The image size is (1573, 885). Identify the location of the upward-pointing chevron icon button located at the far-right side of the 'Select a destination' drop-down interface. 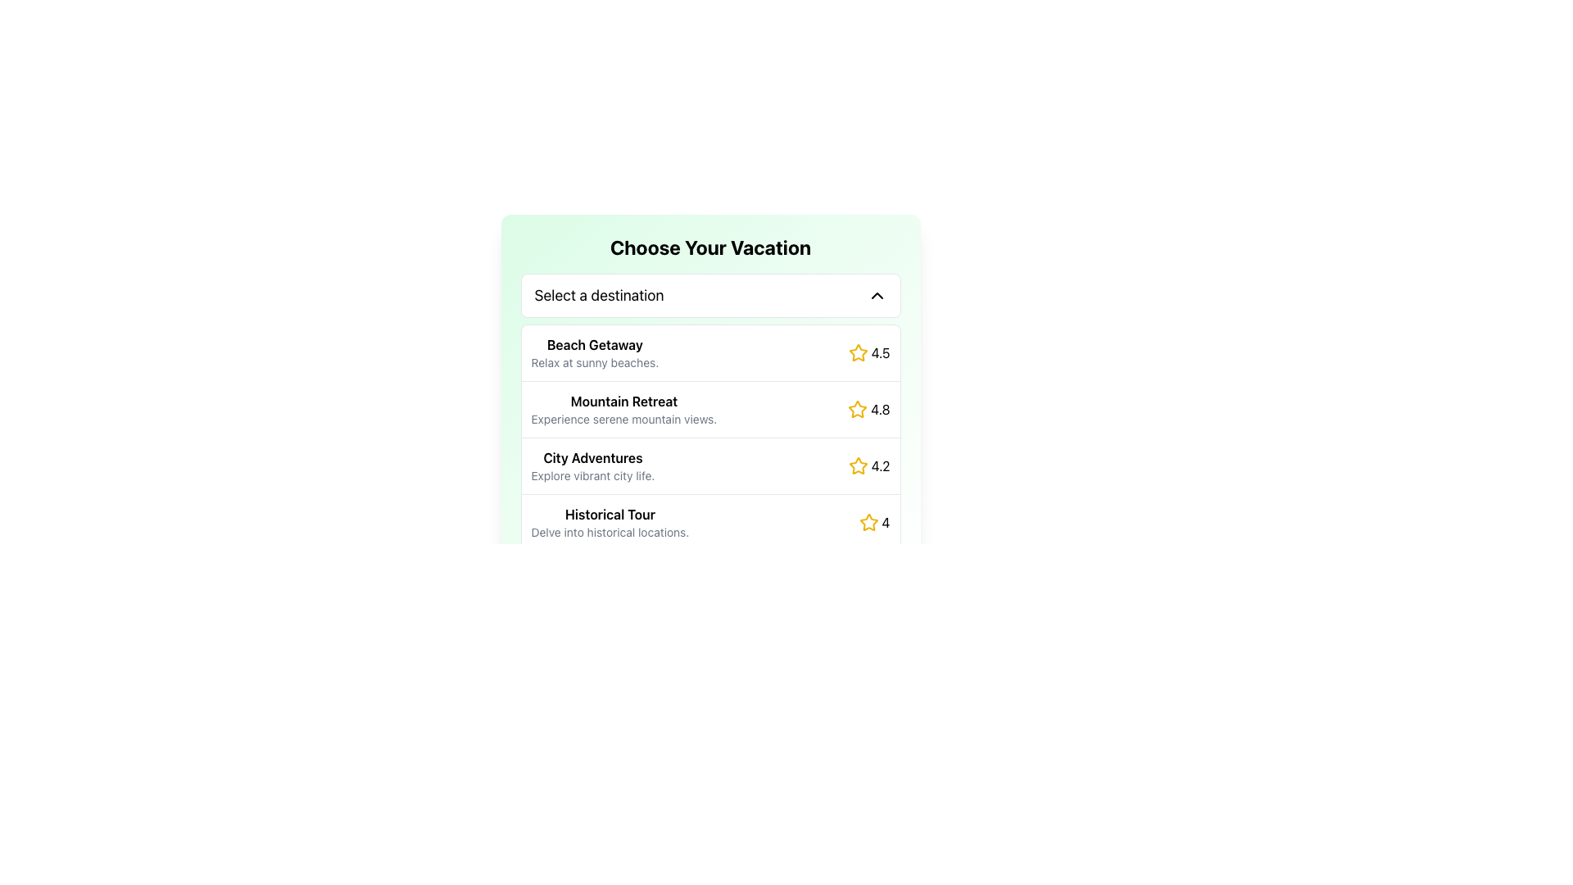
(876, 296).